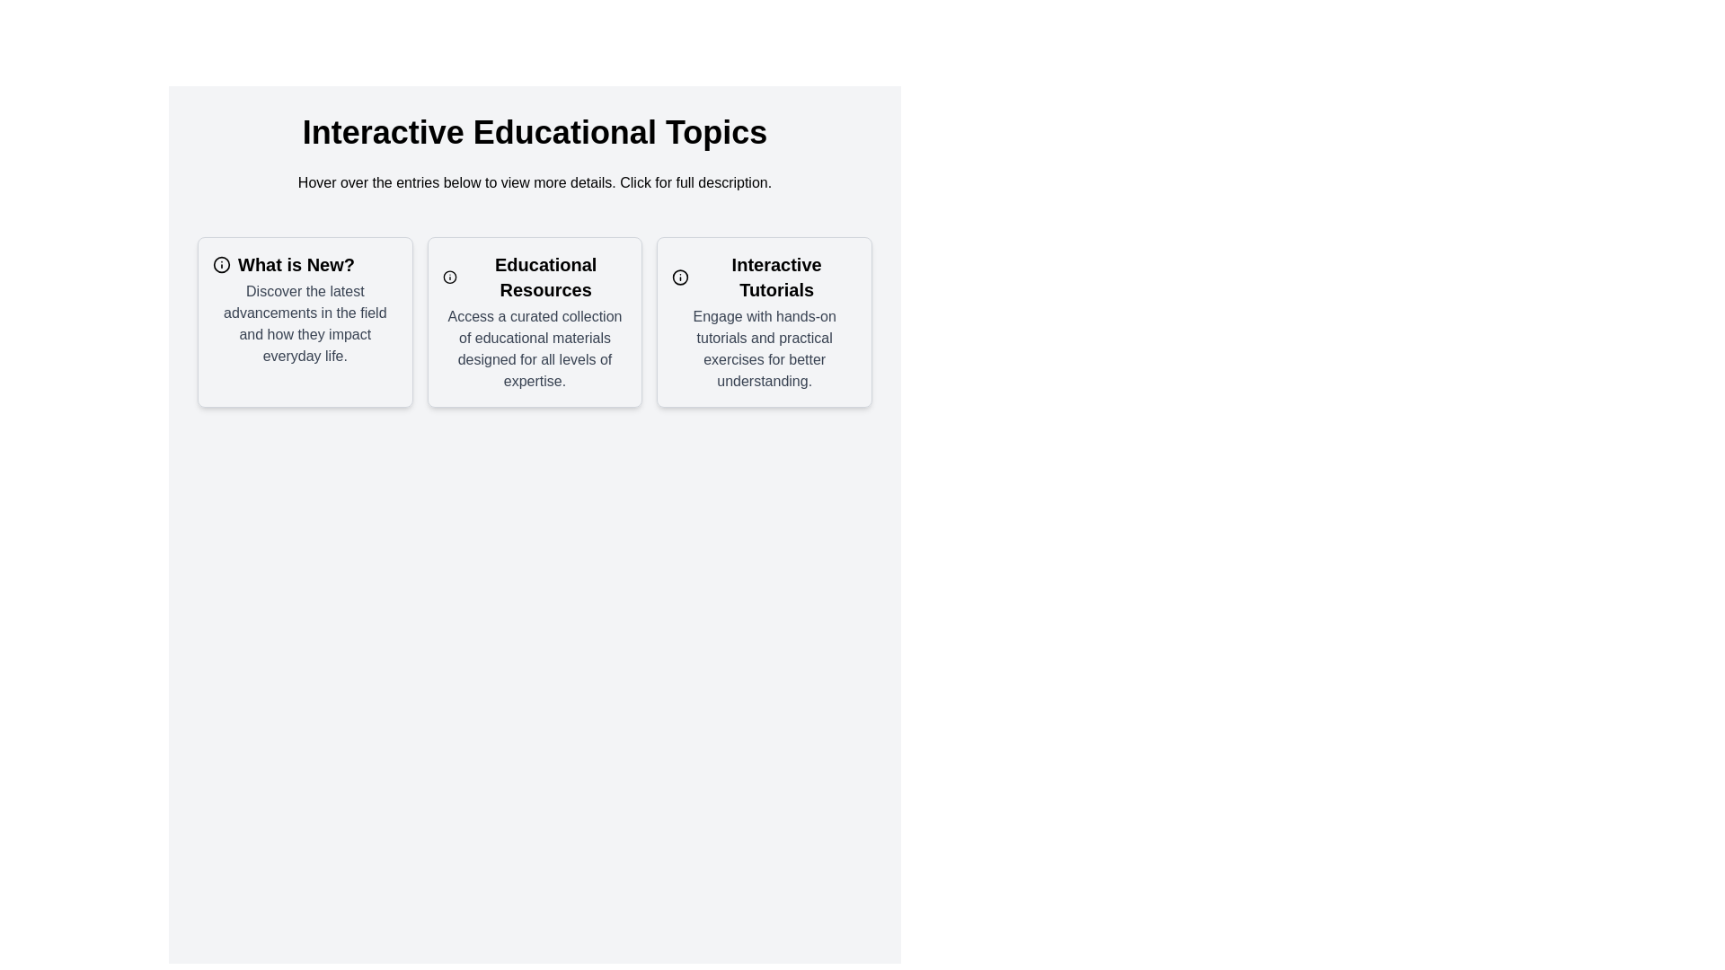 The height and width of the screenshot is (970, 1725). Describe the element at coordinates (765, 349) in the screenshot. I see `the text label displaying 'Engage with hands-on tutorials and practical exercises for better understanding.' located in the 'Interactive Tutorials' card component` at that location.